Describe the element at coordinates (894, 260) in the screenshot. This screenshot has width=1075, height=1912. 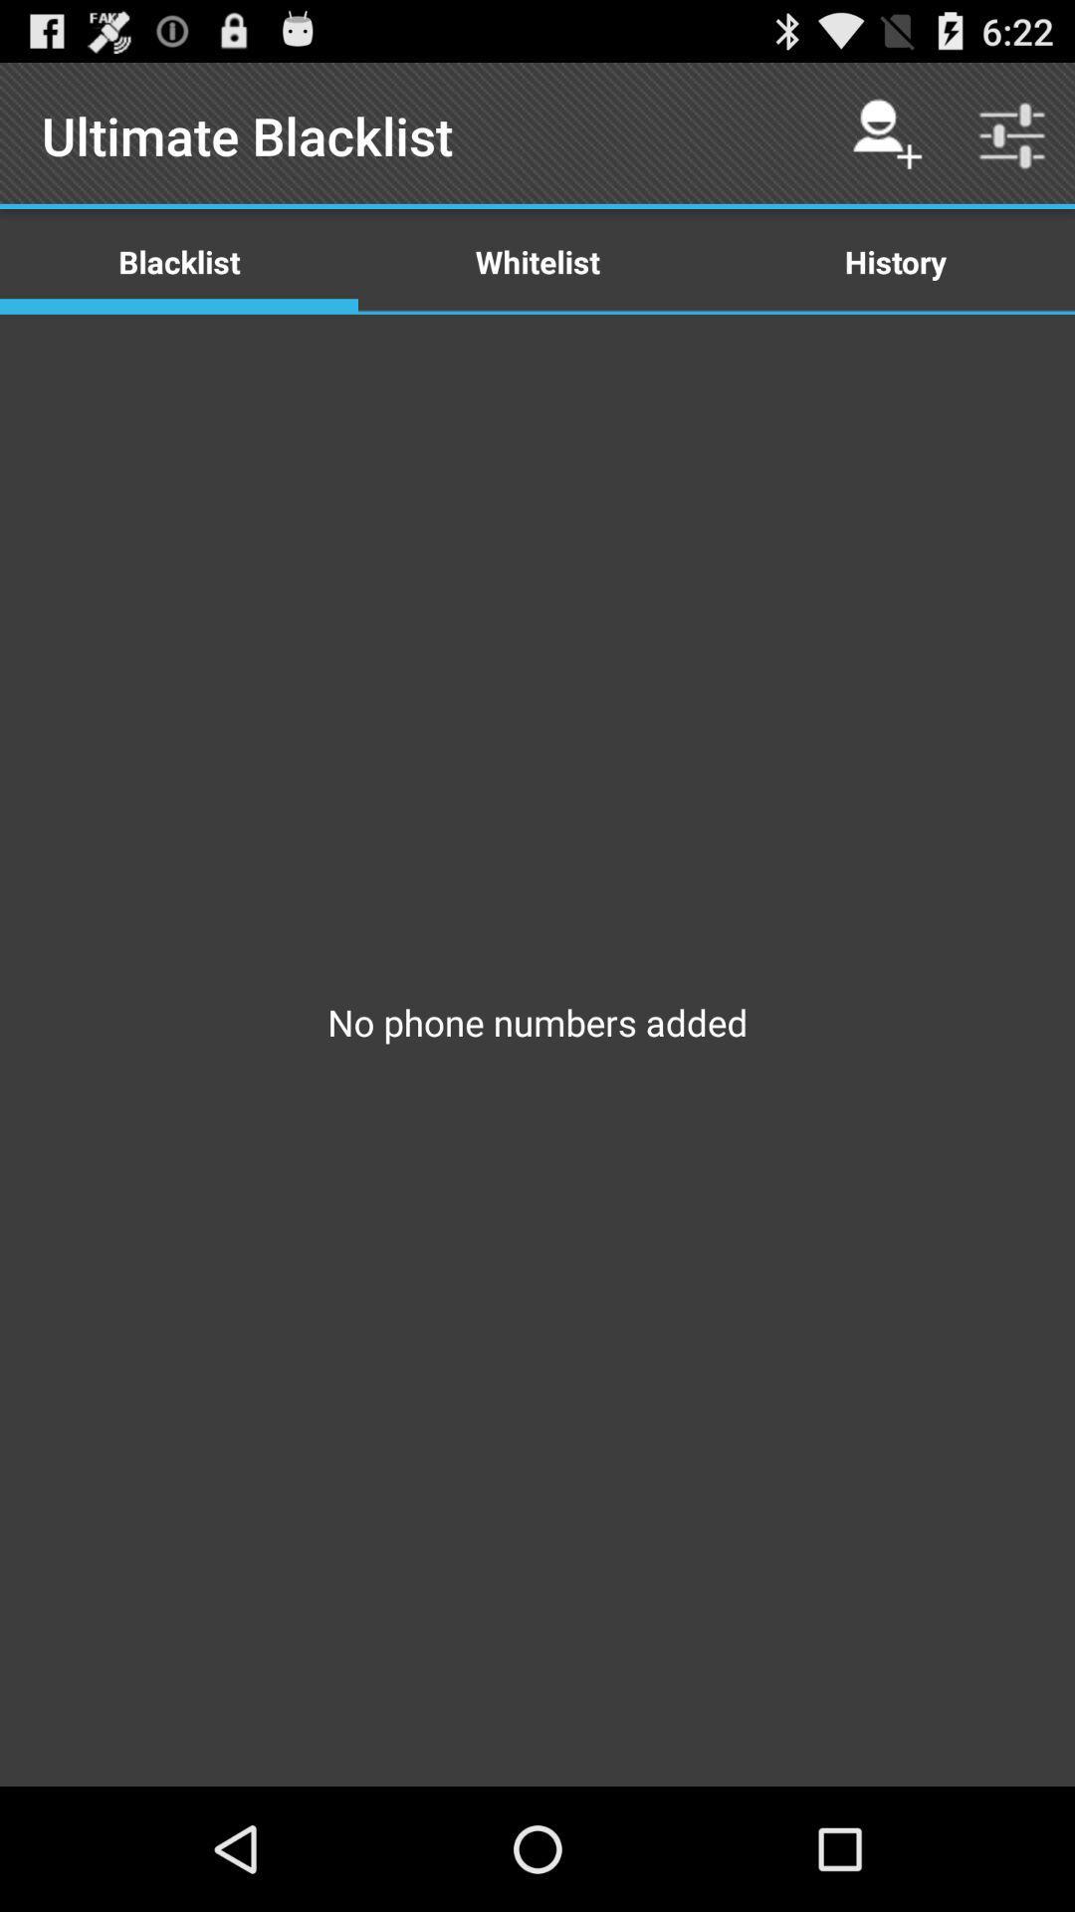
I see `history icon` at that location.